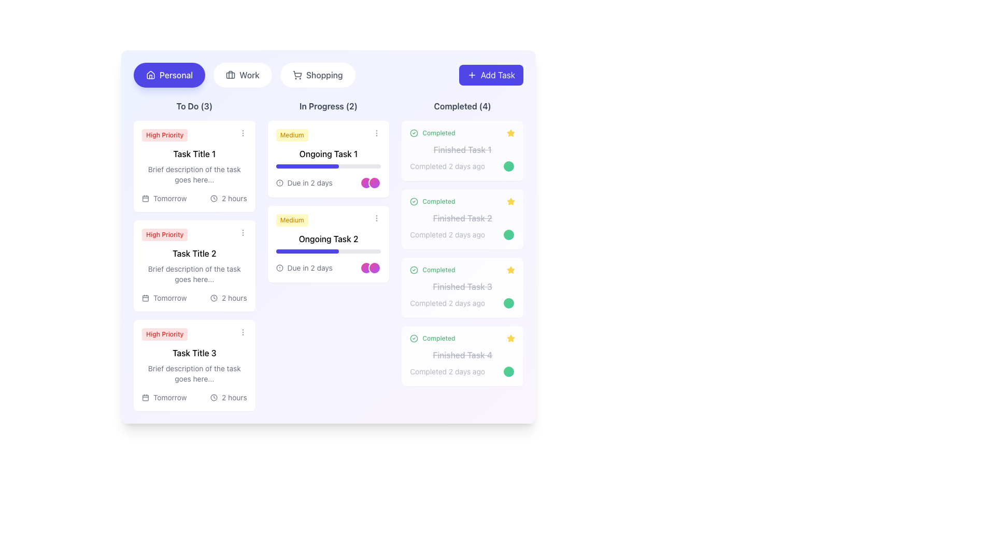 Image resolution: width=995 pixels, height=560 pixels. What do you see at coordinates (296, 75) in the screenshot?
I see `the shopping cart icon located in the navigation bar under the 'Shopping' section, positioned to the left of the 'Shopping' text label` at bounding box center [296, 75].